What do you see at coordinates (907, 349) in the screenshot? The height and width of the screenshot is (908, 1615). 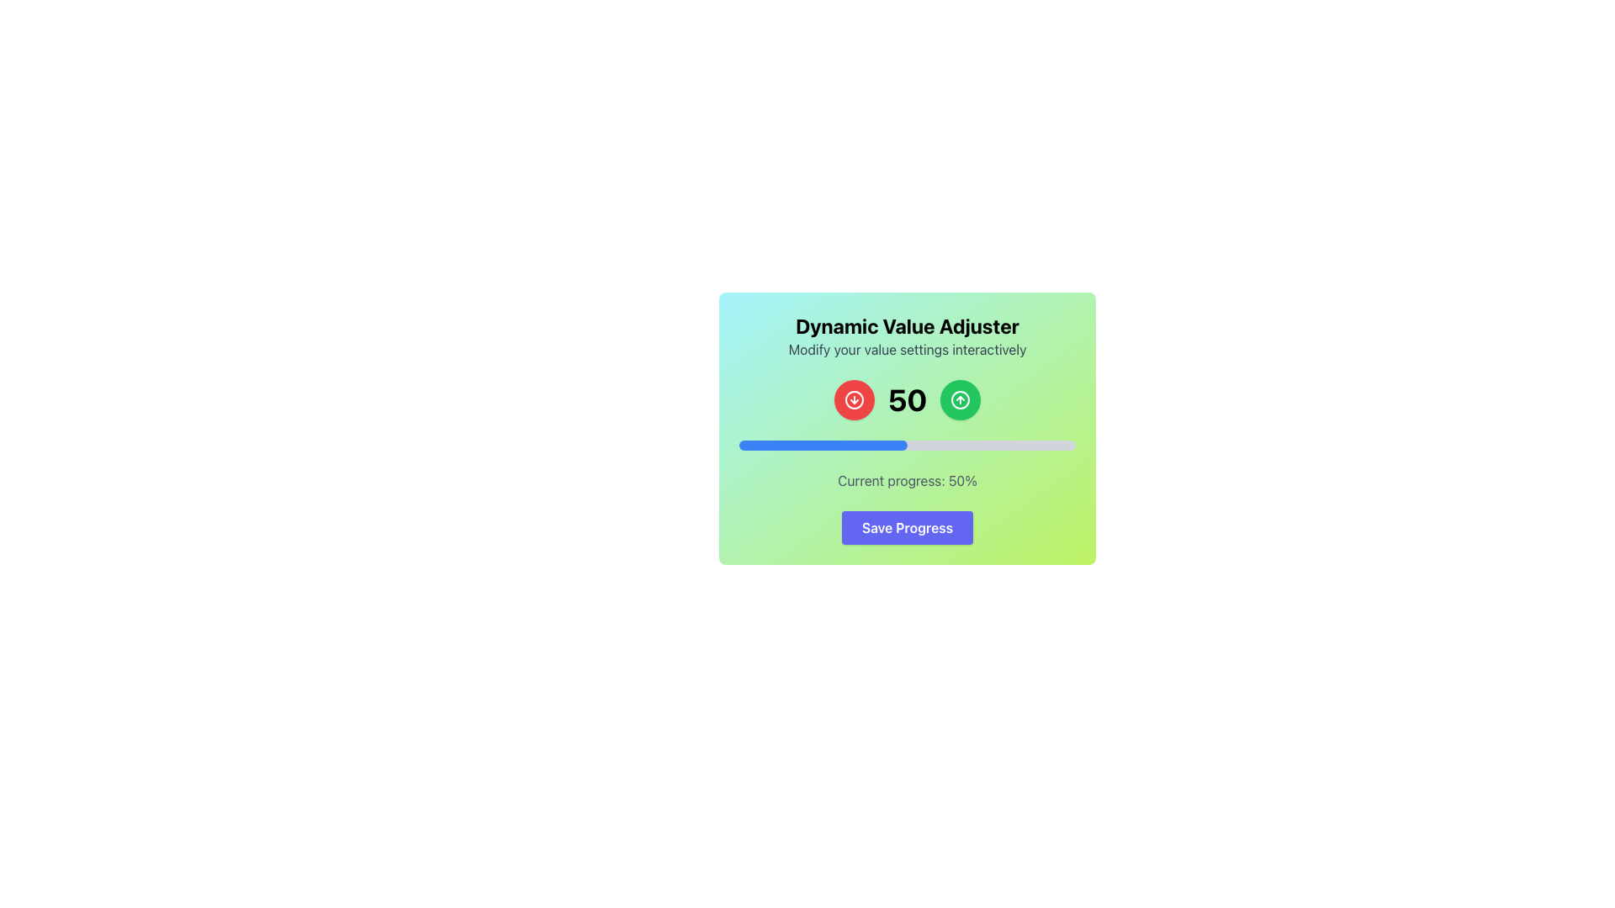 I see `the textual content that displays 'Modify your value settings interactively'` at bounding box center [907, 349].